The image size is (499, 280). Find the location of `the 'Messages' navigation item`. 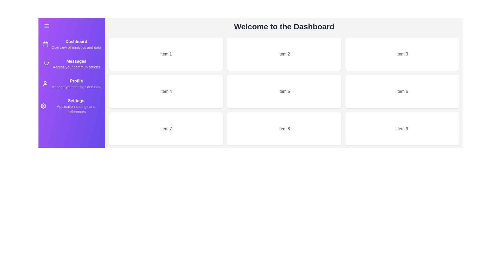

the 'Messages' navigation item is located at coordinates (71, 64).